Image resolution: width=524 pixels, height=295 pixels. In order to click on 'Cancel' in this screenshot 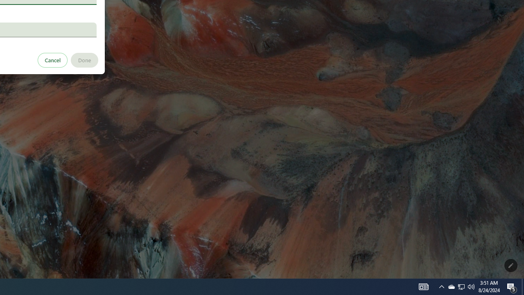, I will do `click(52, 59)`.